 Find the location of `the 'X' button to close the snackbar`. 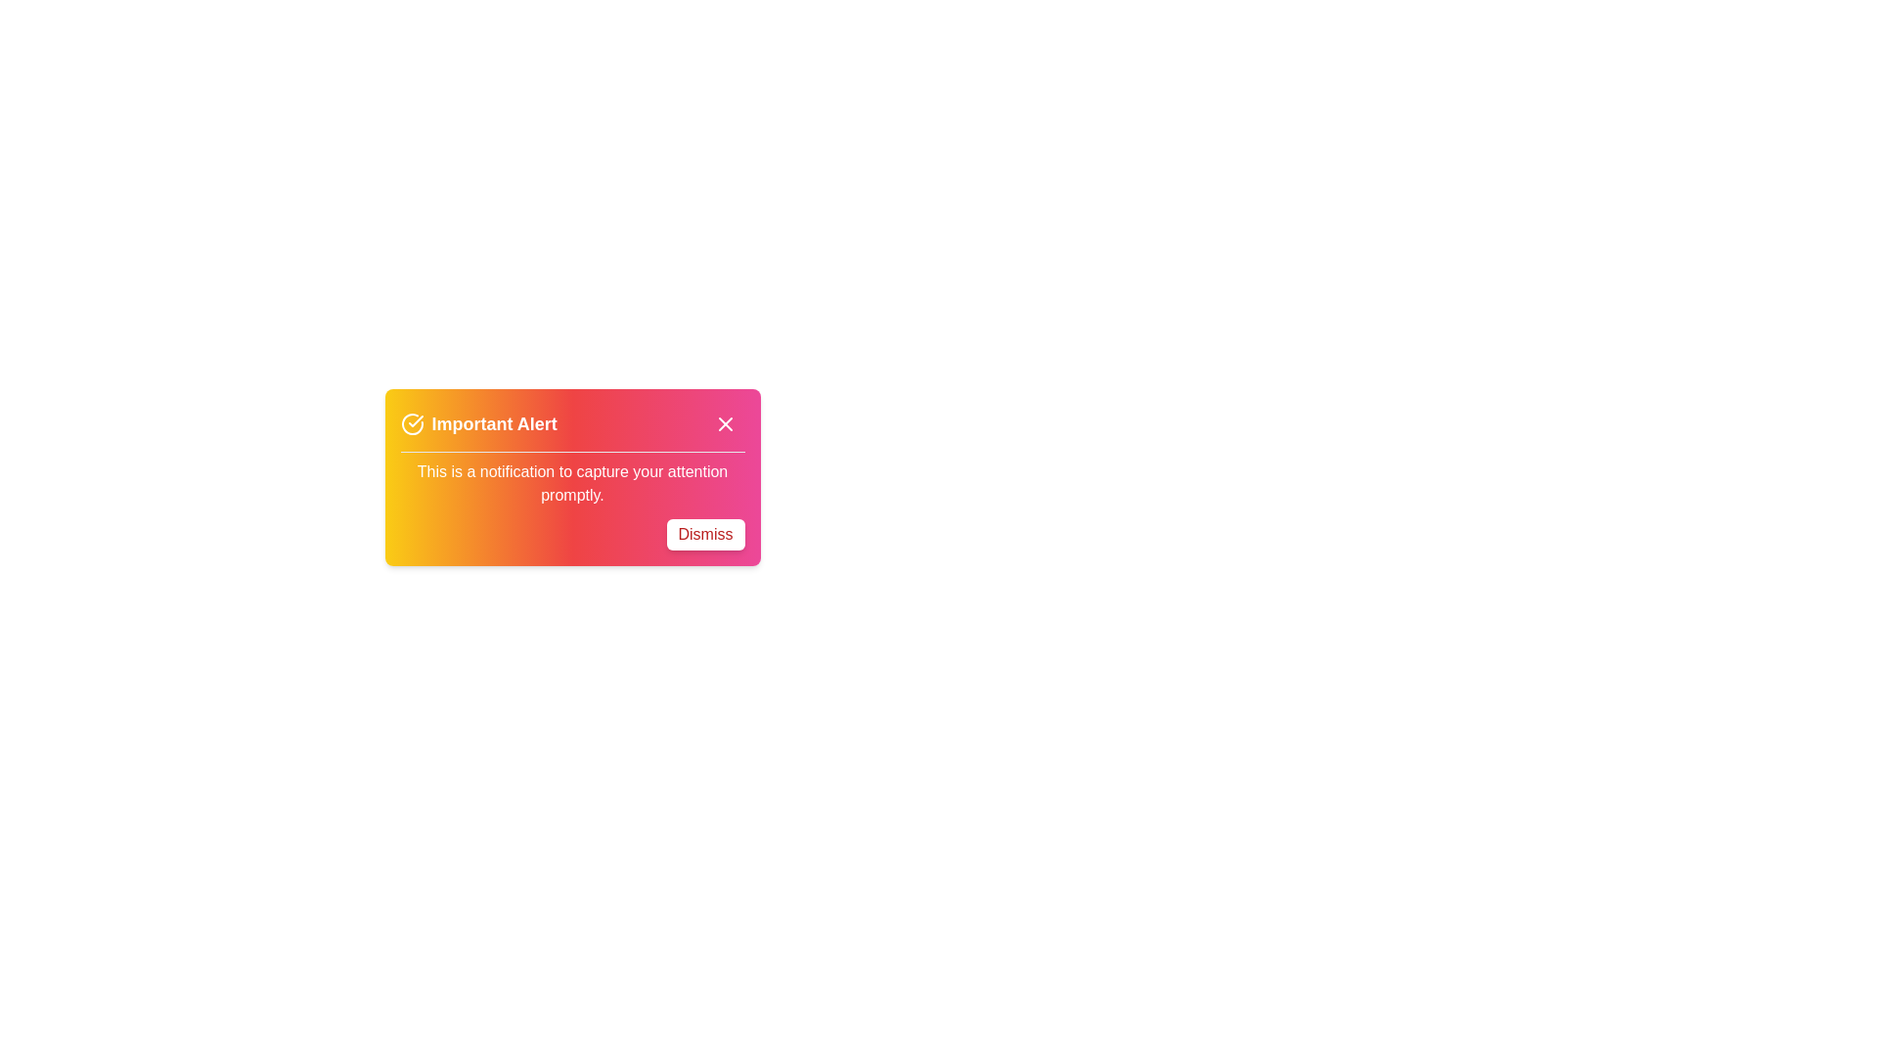

the 'X' button to close the snackbar is located at coordinates (724, 423).